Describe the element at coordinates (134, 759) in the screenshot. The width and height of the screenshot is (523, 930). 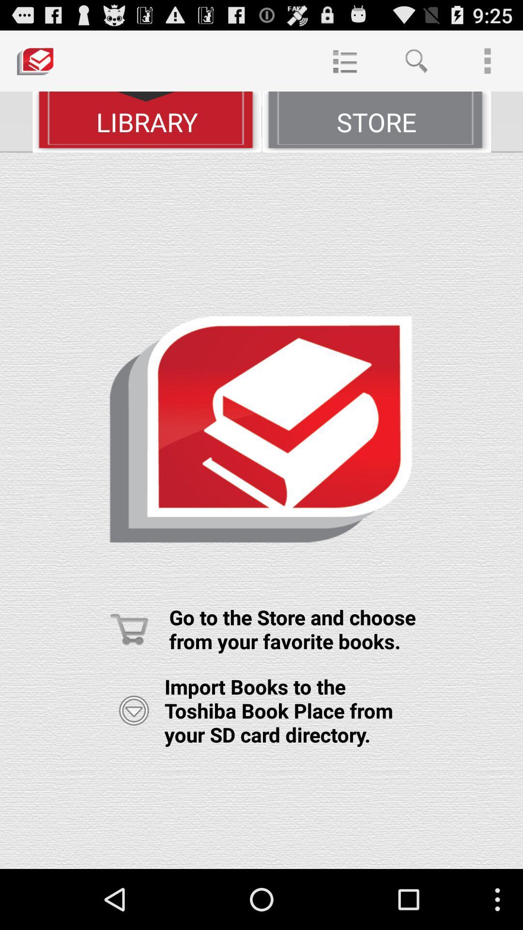
I see `the expand_more icon` at that location.